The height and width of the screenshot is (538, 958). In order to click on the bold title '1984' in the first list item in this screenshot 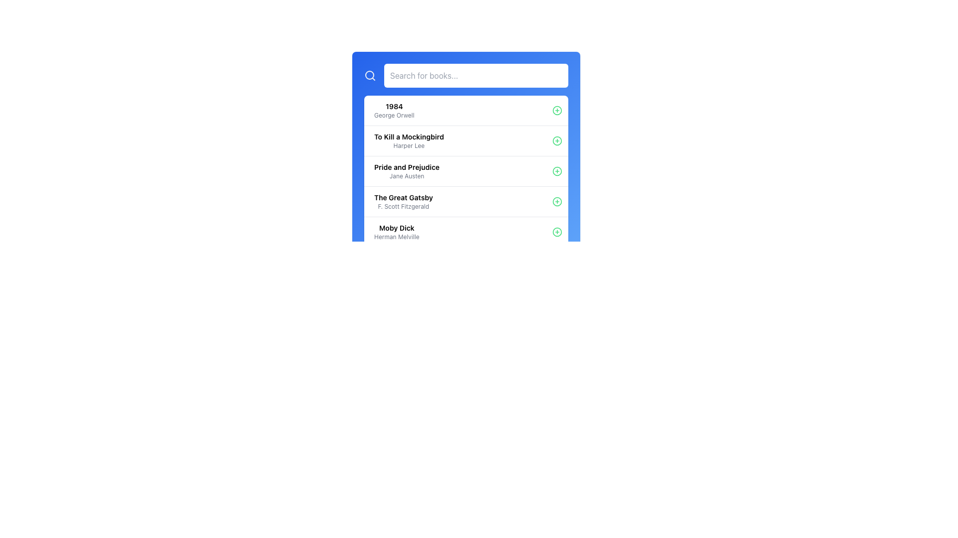, I will do `click(466, 111)`.